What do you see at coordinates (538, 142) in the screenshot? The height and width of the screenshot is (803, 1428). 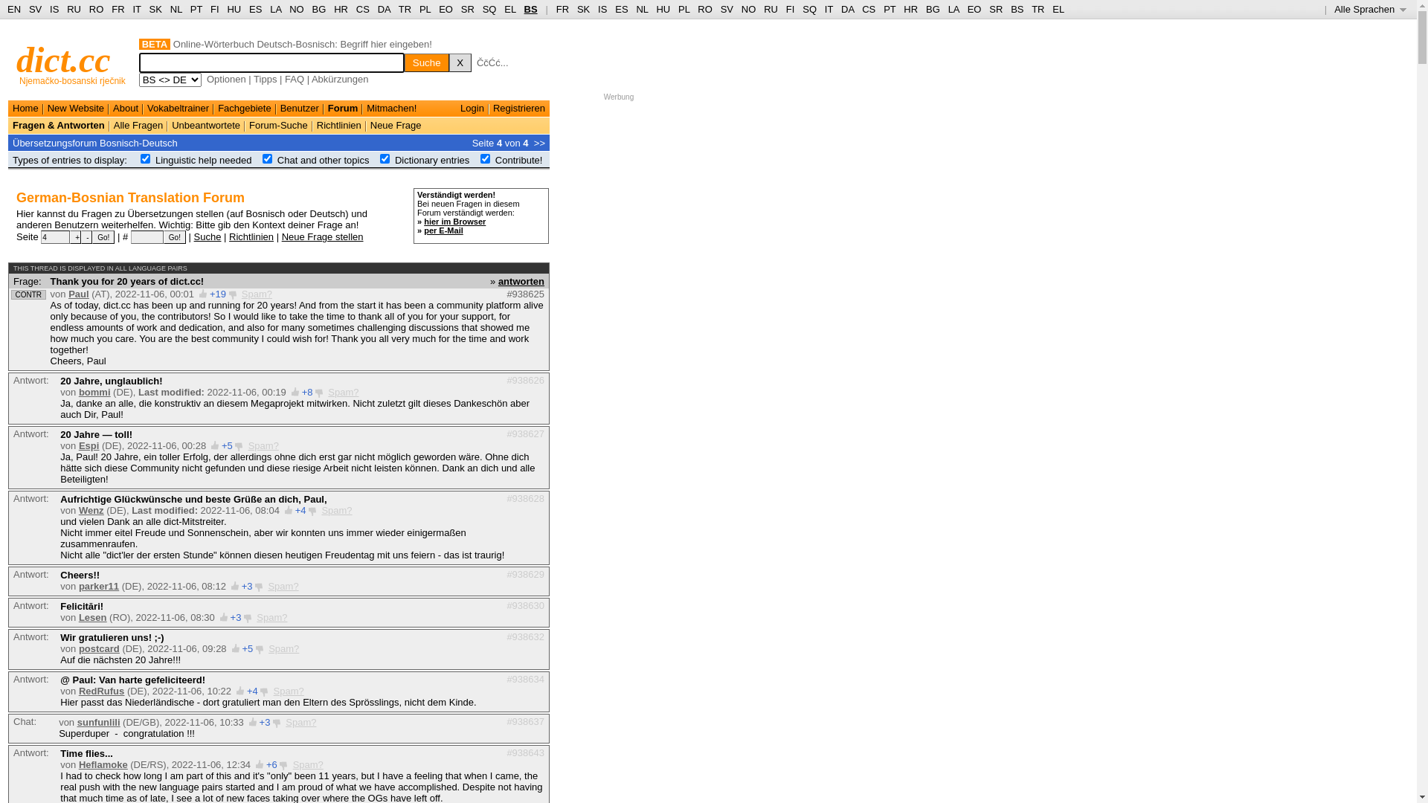 I see `'>>'` at bounding box center [538, 142].